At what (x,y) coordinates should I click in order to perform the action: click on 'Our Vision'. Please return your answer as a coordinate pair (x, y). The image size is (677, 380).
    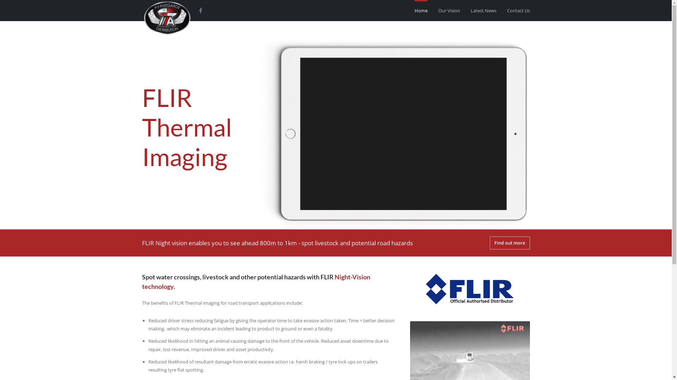
    Looking at the image, I should click on (438, 11).